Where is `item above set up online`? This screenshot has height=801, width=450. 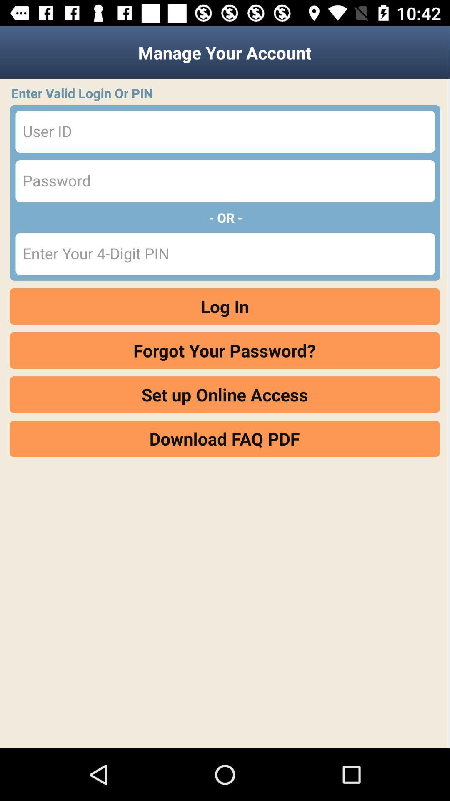
item above set up online is located at coordinates (224, 350).